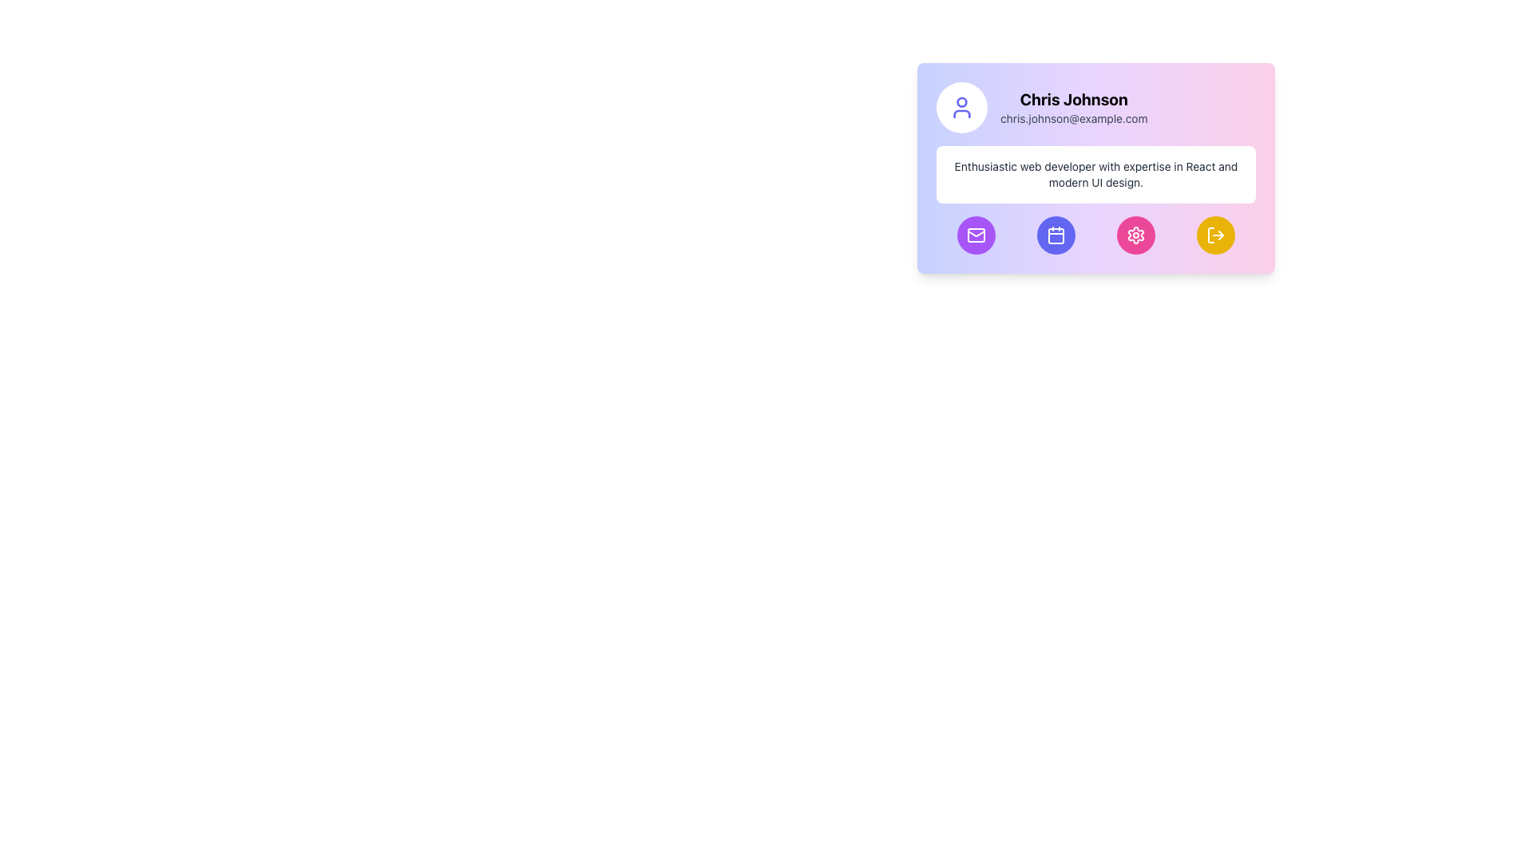 The width and height of the screenshot is (1533, 862). I want to click on the user profile SVG icon located within a circular white background at the top-left corner of the card-like component, so click(961, 108).